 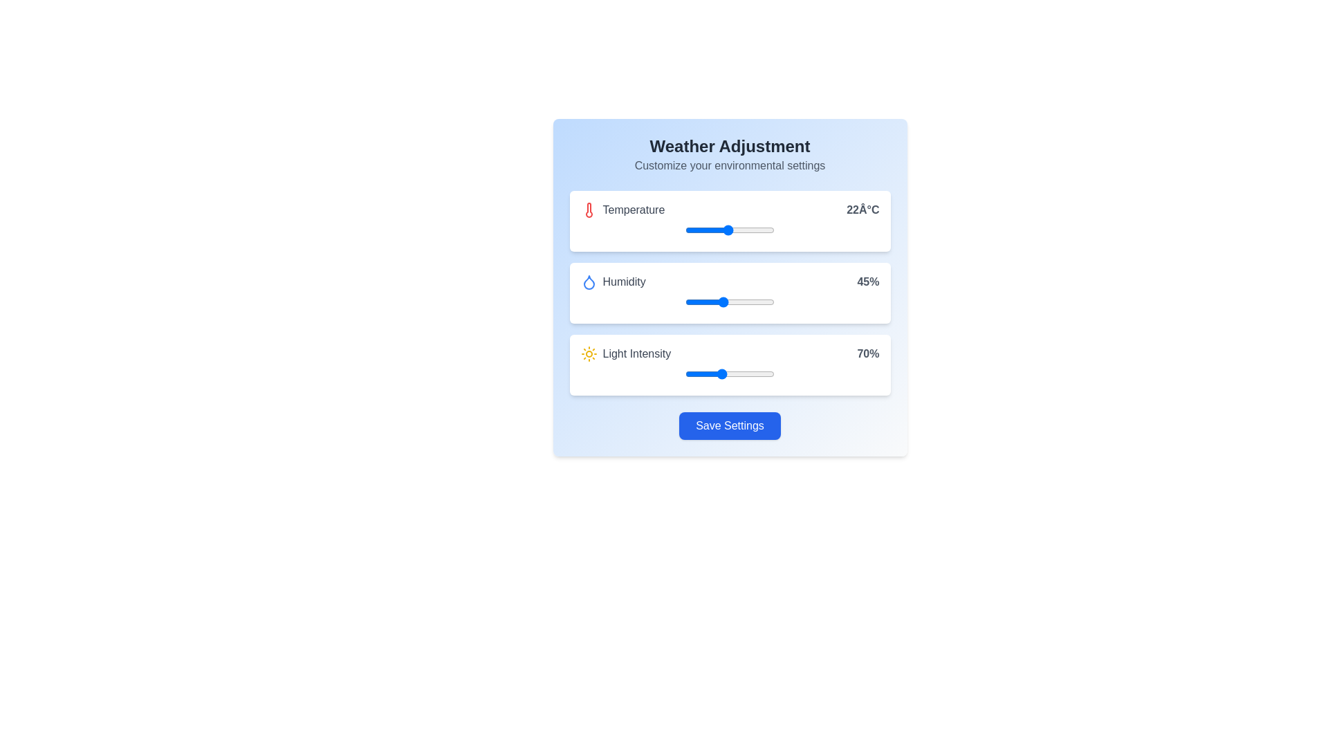 I want to click on the 'Temperature' label with icon, which features a gray medium-bold text and a red thermometer icon, so click(x=622, y=210).